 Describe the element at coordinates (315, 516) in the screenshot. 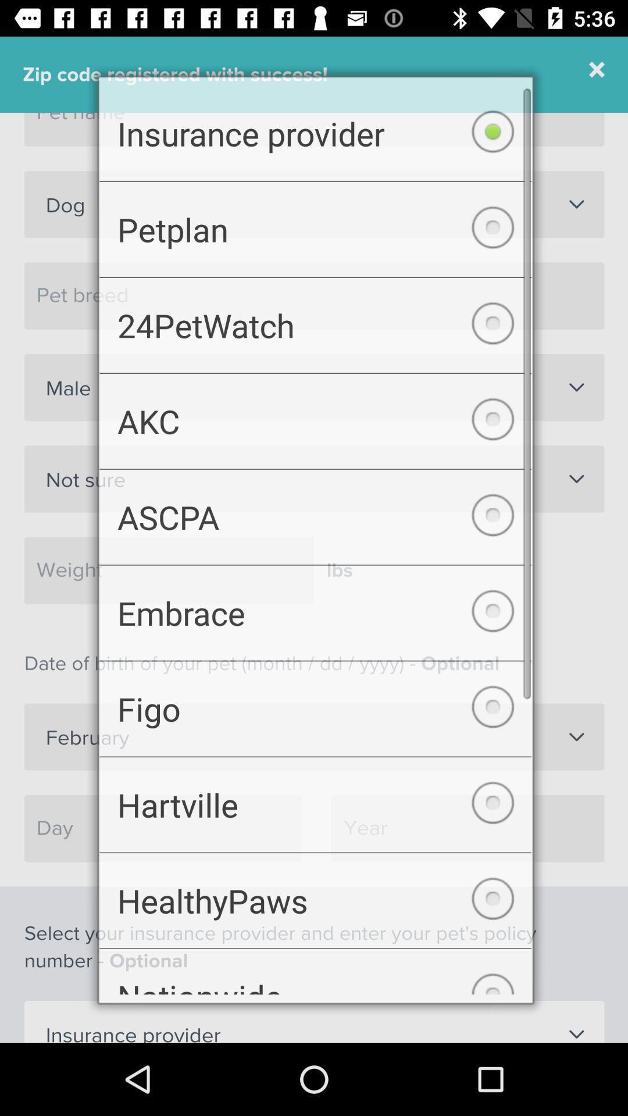

I see `checkbox below akc icon` at that location.